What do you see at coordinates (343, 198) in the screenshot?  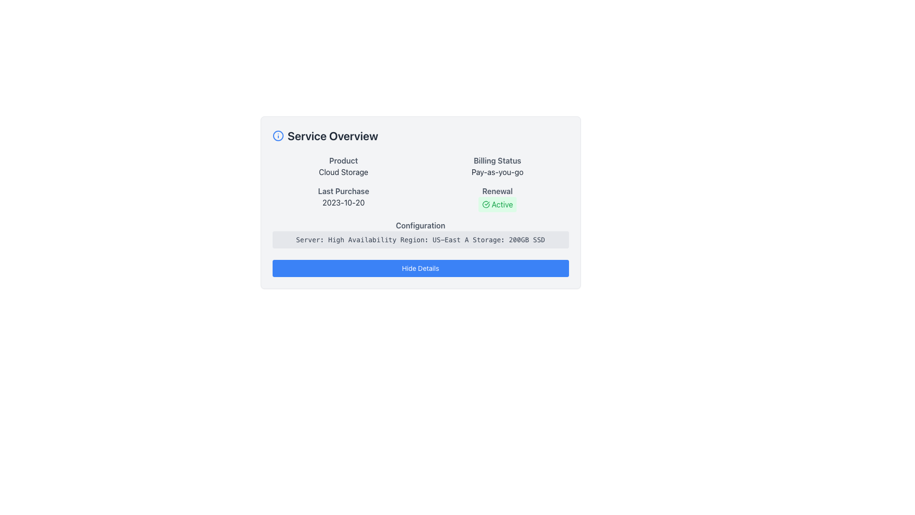 I see `the static text label displaying the last purchase date related to a service, which is the third item in a grid layout, located below 'Product: Cloud Storage' and to the left of 'Renewal: Active'` at bounding box center [343, 198].